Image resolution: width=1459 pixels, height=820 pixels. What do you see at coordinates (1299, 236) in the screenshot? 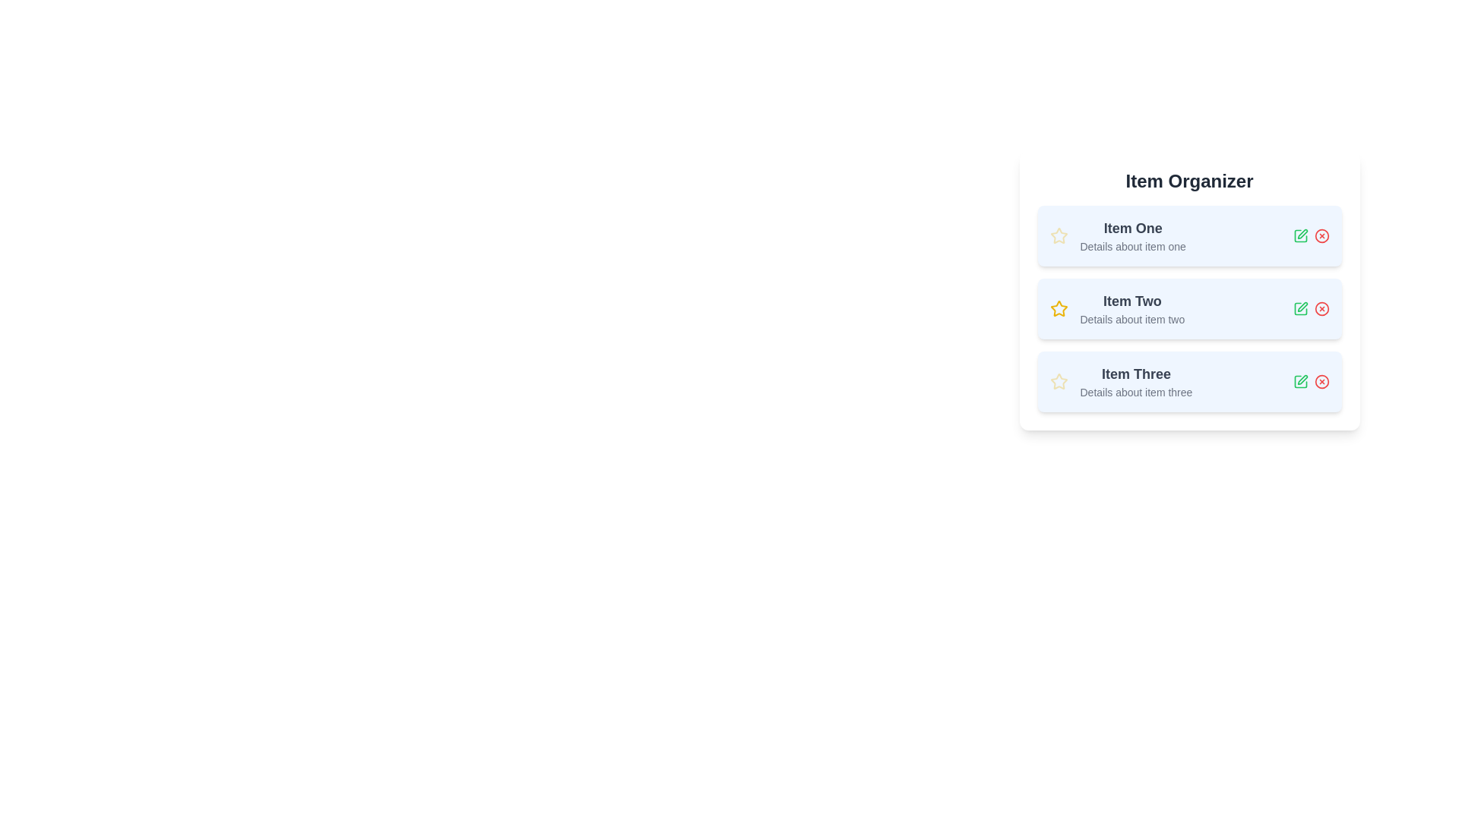
I see `the edit icon for the item Item One` at bounding box center [1299, 236].